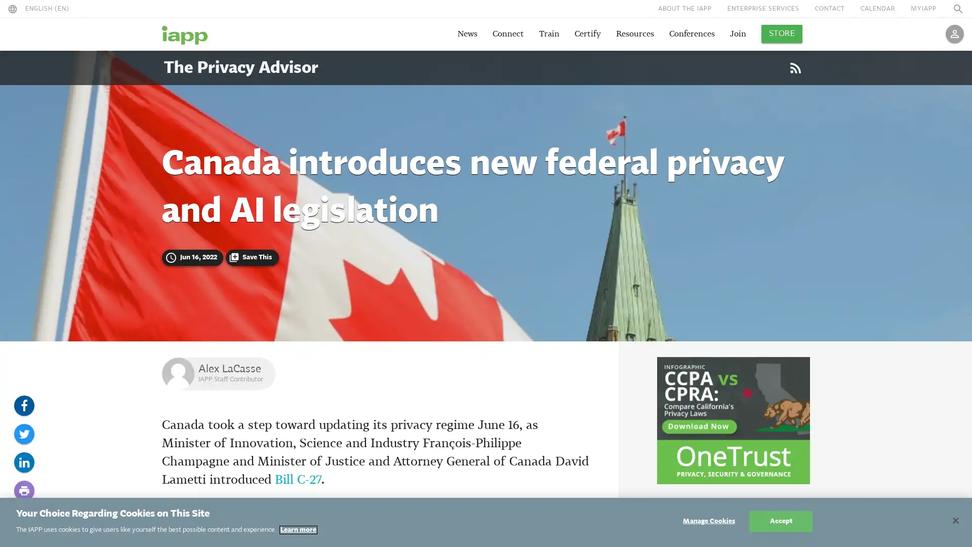 The height and width of the screenshot is (547, 972). What do you see at coordinates (708, 521) in the screenshot?
I see `Manage Cookies` at bounding box center [708, 521].